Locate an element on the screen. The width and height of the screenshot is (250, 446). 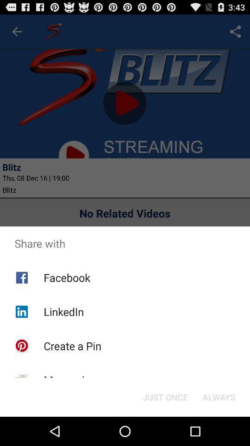
app below the share with app is located at coordinates (219, 396).